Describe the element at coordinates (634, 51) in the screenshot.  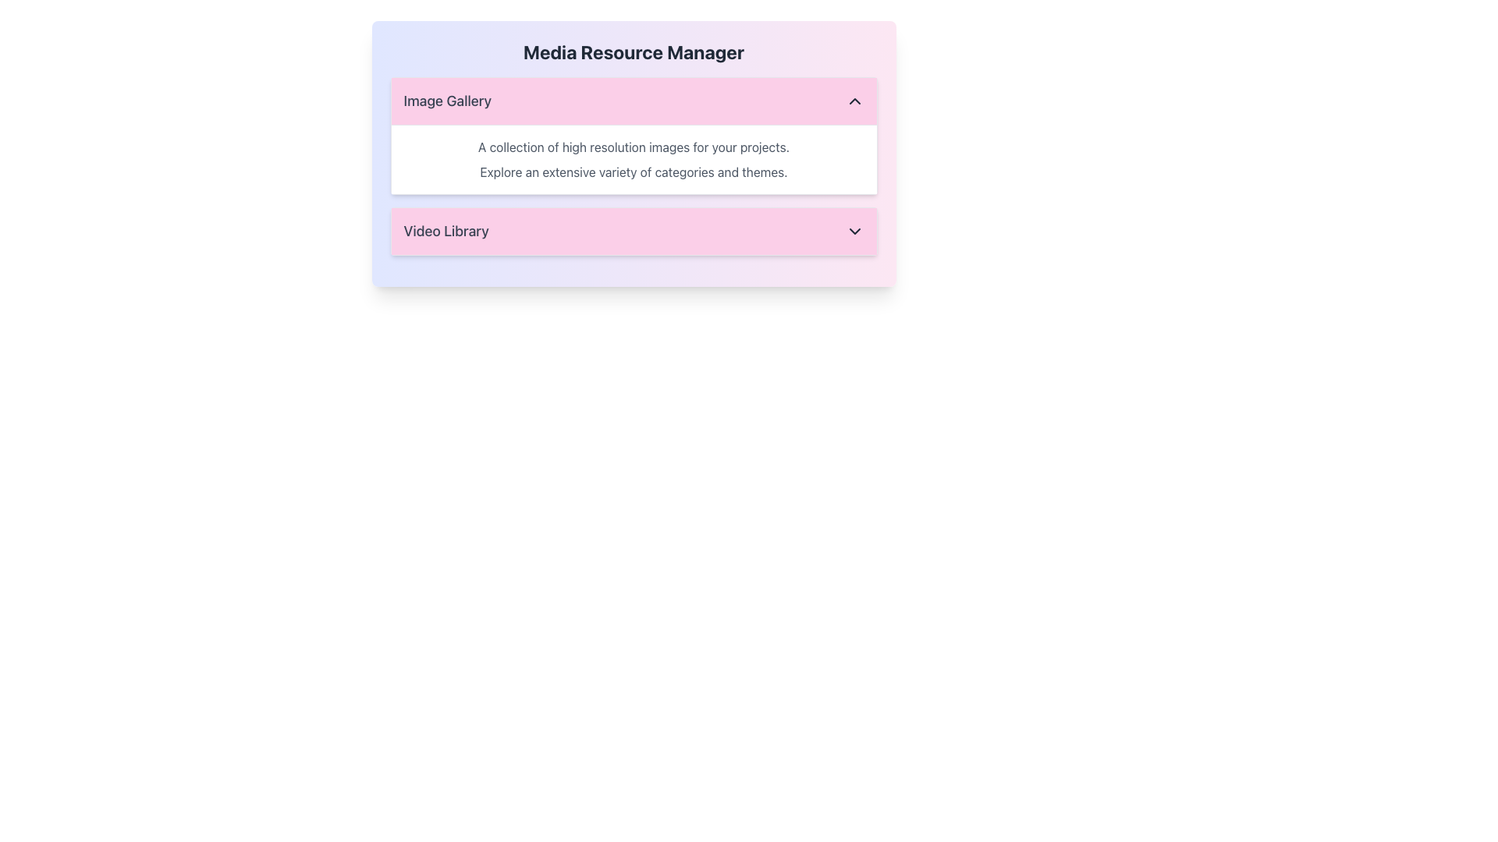
I see `the prominently displayed Static Text Label that reads 'Media Resource Manager', which is bold, center-aligned, and located at the top of the interface layout` at that location.